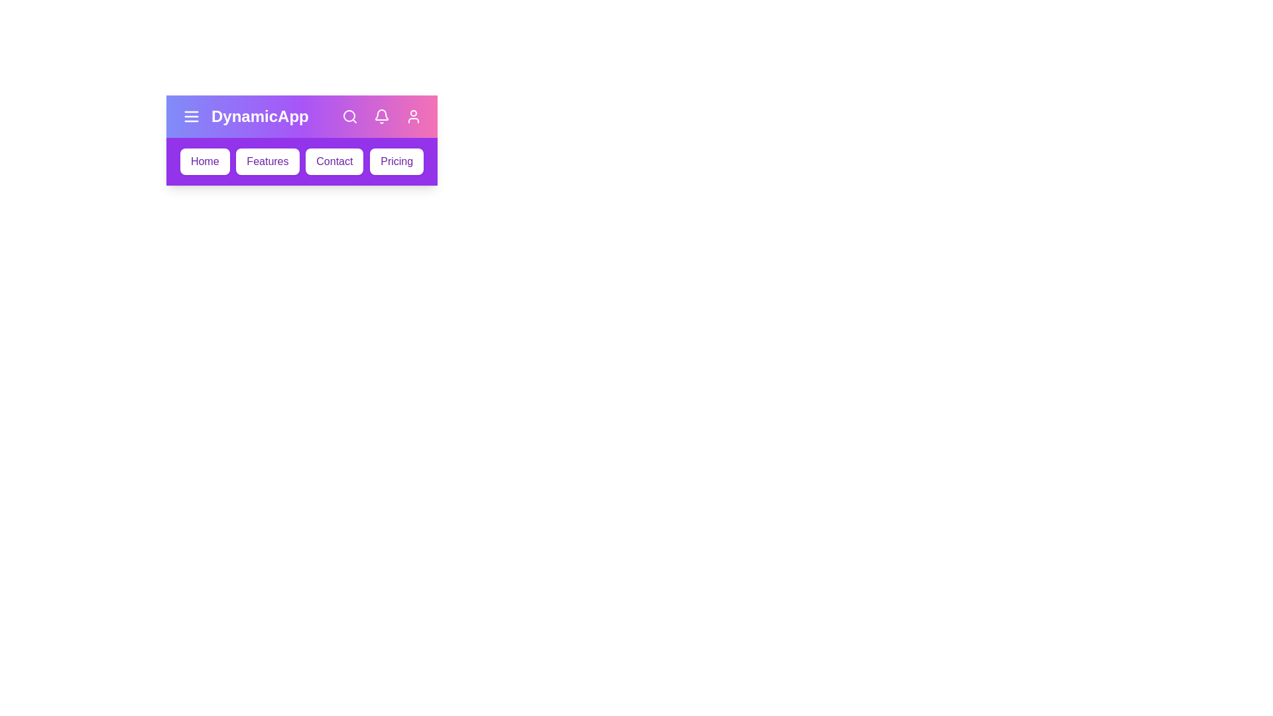  What do you see at coordinates (413, 116) in the screenshot?
I see `the user icon in the app bar to access the user profile` at bounding box center [413, 116].